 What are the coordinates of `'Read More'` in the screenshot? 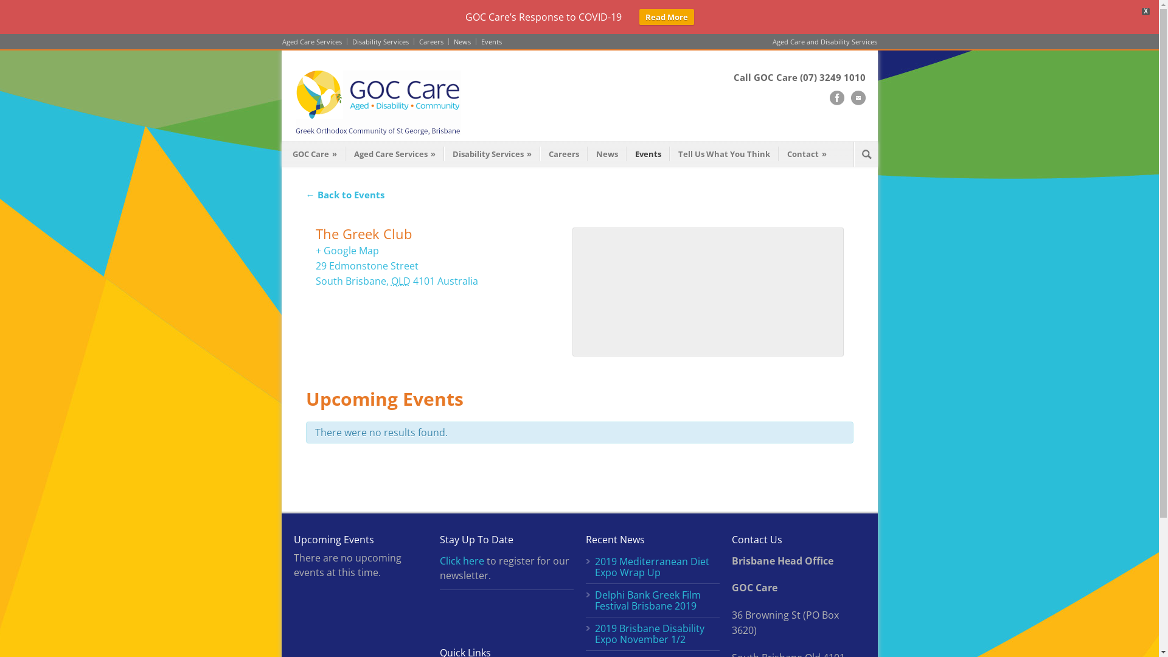 It's located at (638, 16).